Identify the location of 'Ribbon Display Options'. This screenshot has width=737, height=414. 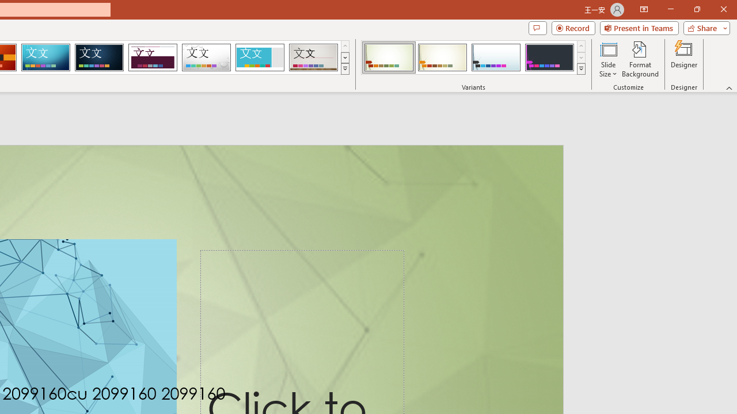
(643, 9).